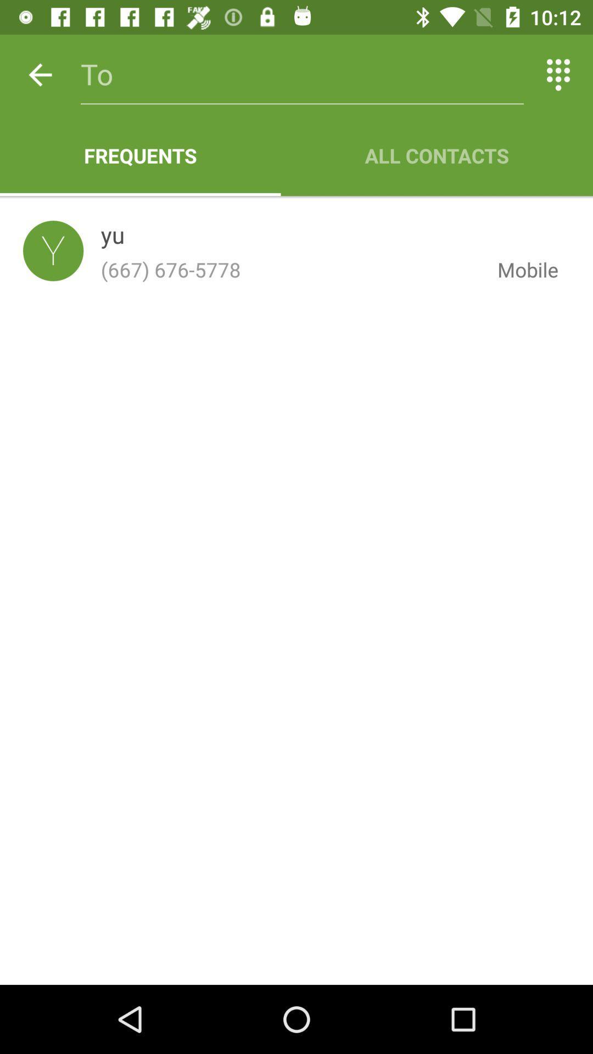  I want to click on app next to all contacts icon, so click(139, 155).